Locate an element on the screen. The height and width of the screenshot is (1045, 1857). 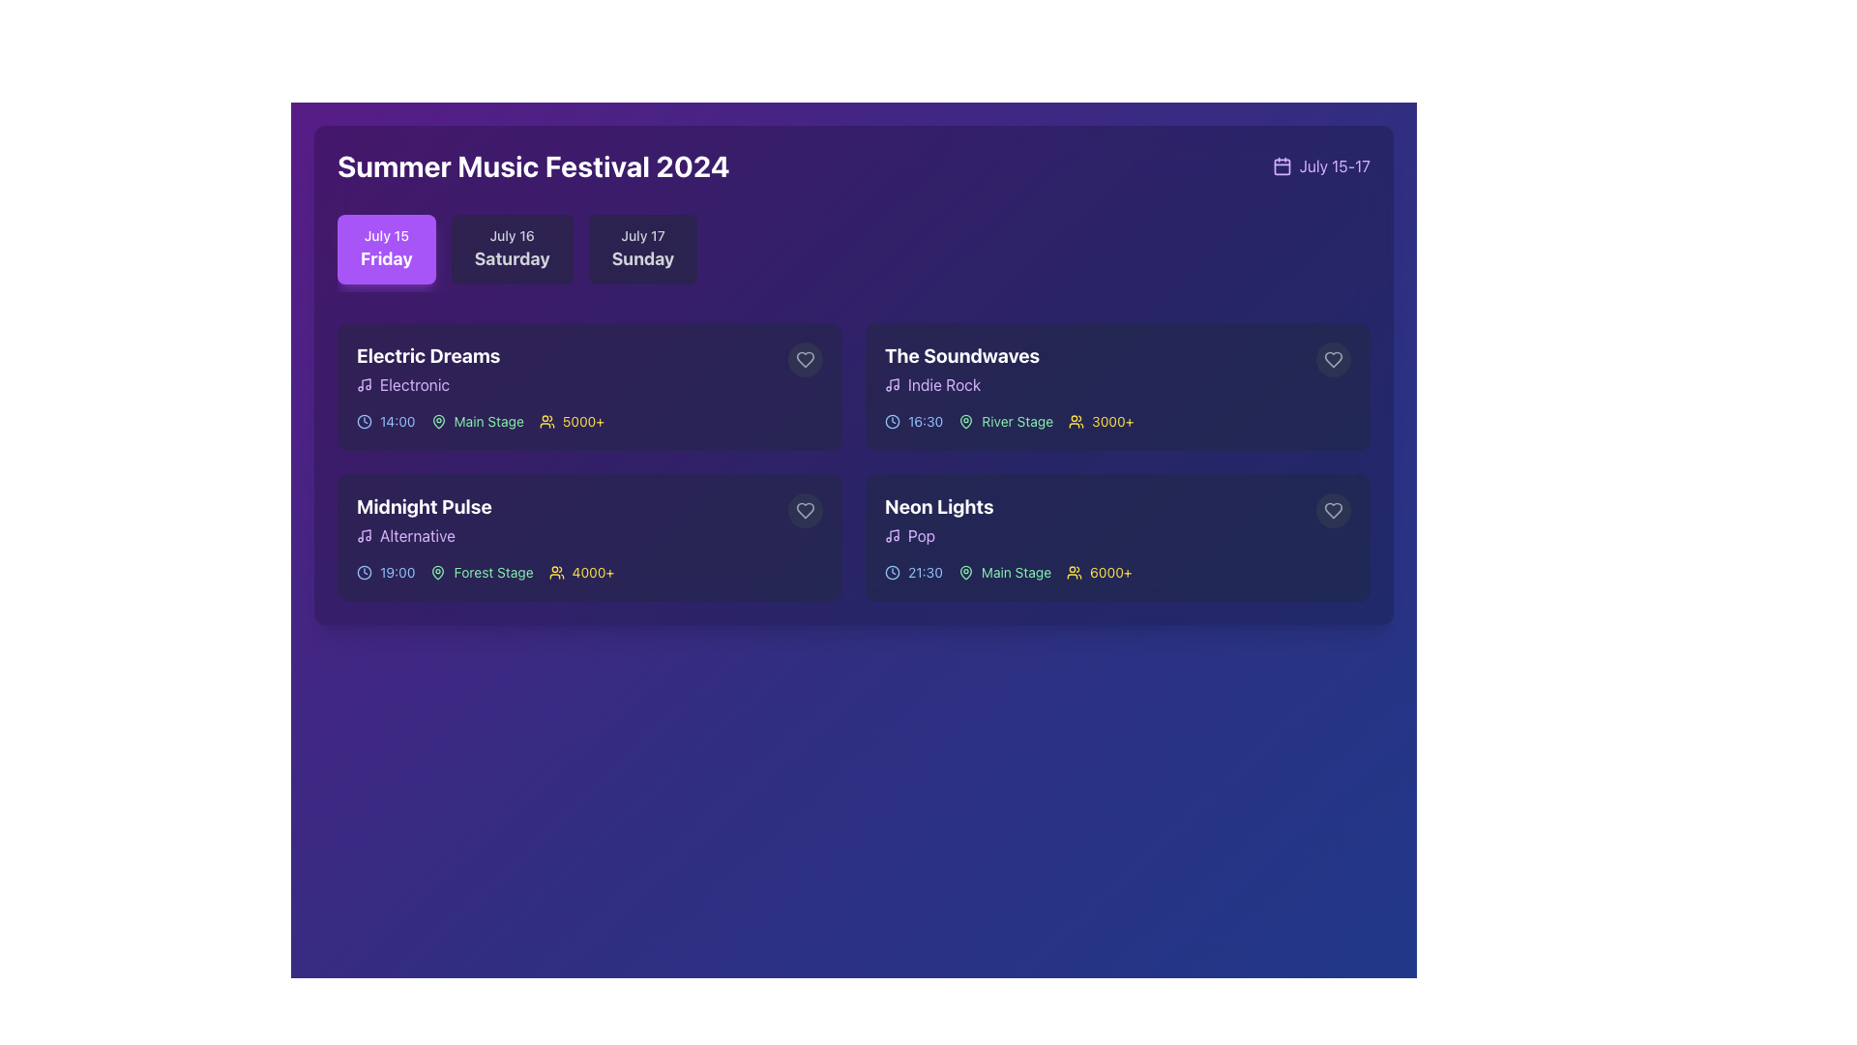
the static text display showing 'Sunday' in bold white font, which is part of the date indicator for July 17 is located at coordinates (643, 257).